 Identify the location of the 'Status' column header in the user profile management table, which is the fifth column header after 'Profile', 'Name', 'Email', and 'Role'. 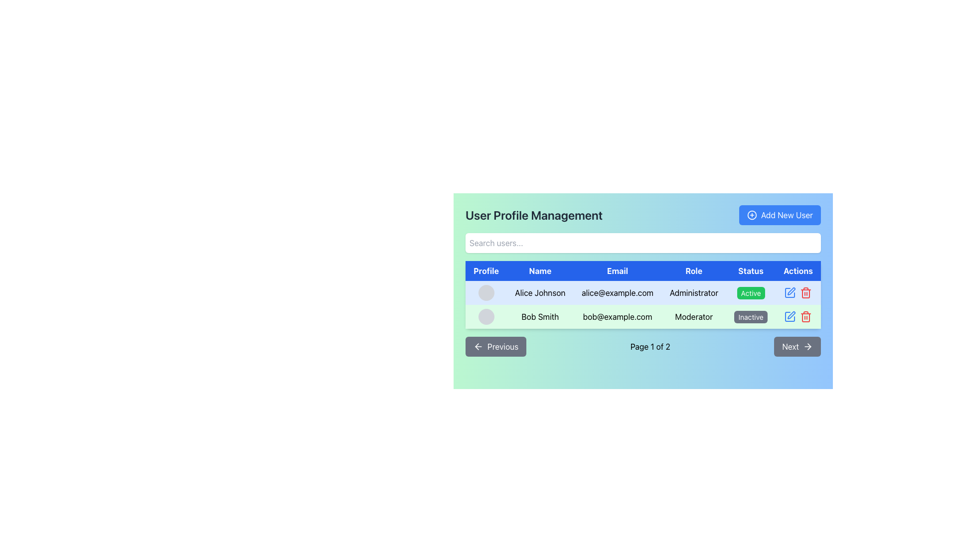
(751, 270).